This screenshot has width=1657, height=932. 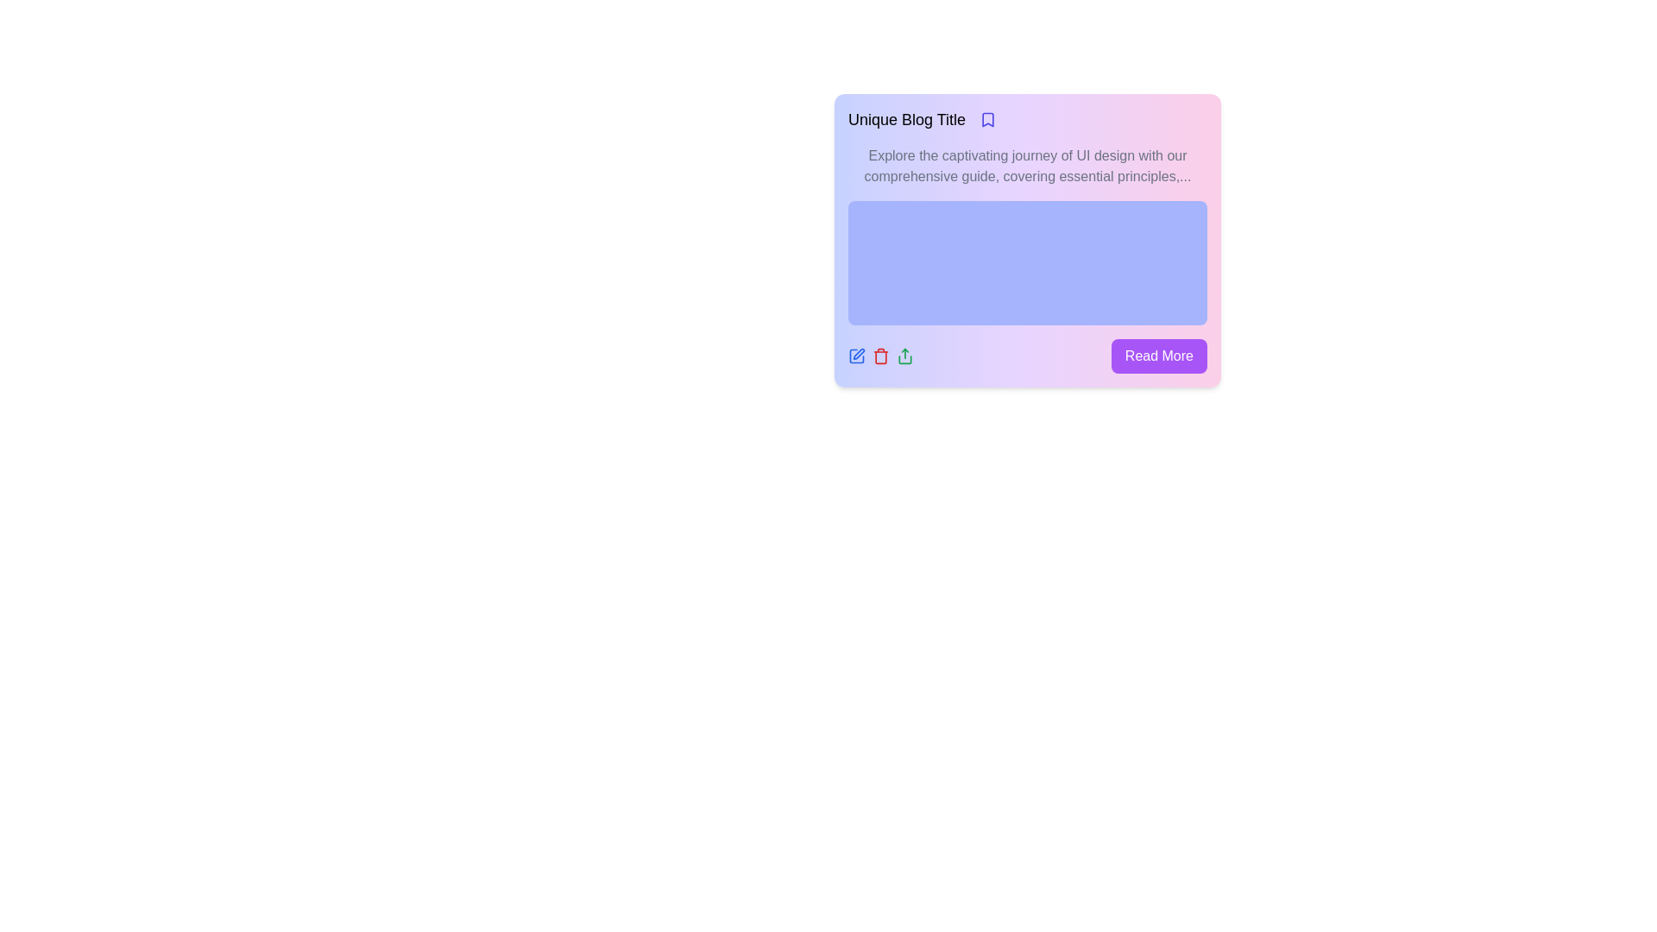 What do you see at coordinates (1159, 355) in the screenshot?
I see `the purple button with 'Read More' text to interact with it` at bounding box center [1159, 355].